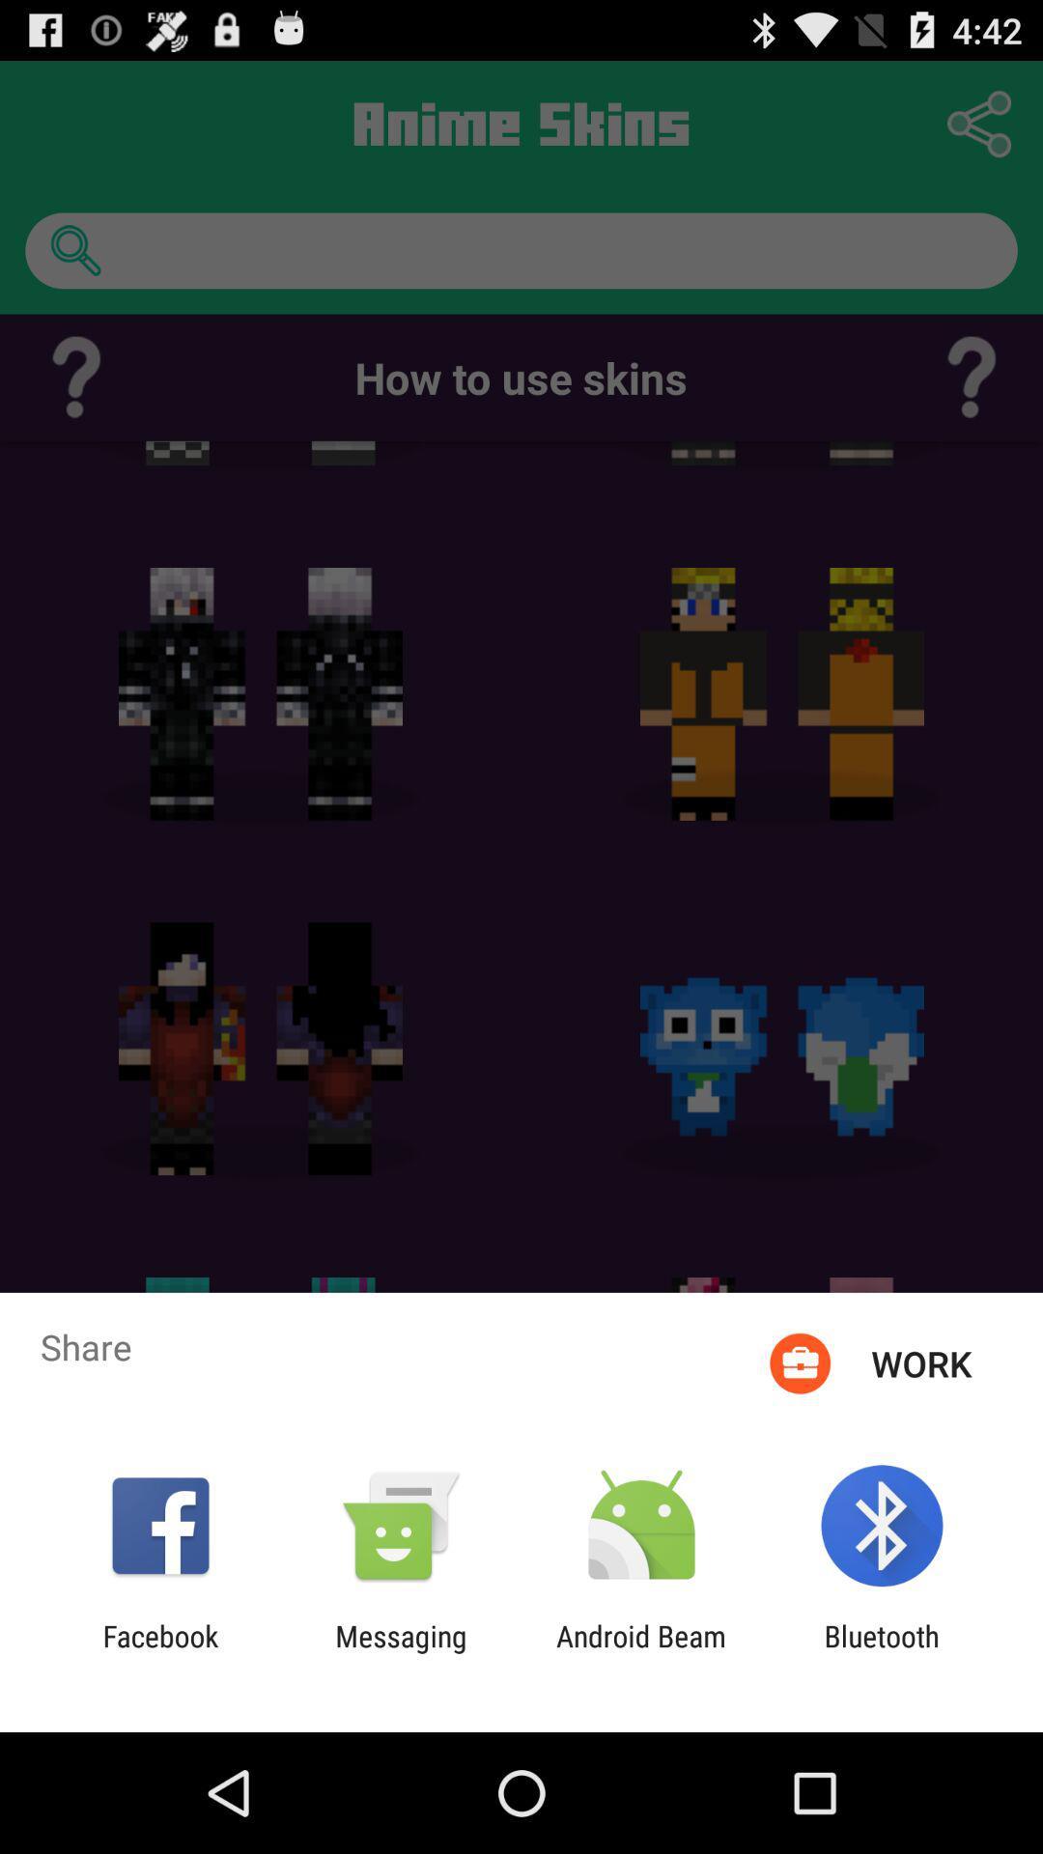 This screenshot has height=1854, width=1043. Describe the element at coordinates (641, 1652) in the screenshot. I see `the app next to bluetooth` at that location.